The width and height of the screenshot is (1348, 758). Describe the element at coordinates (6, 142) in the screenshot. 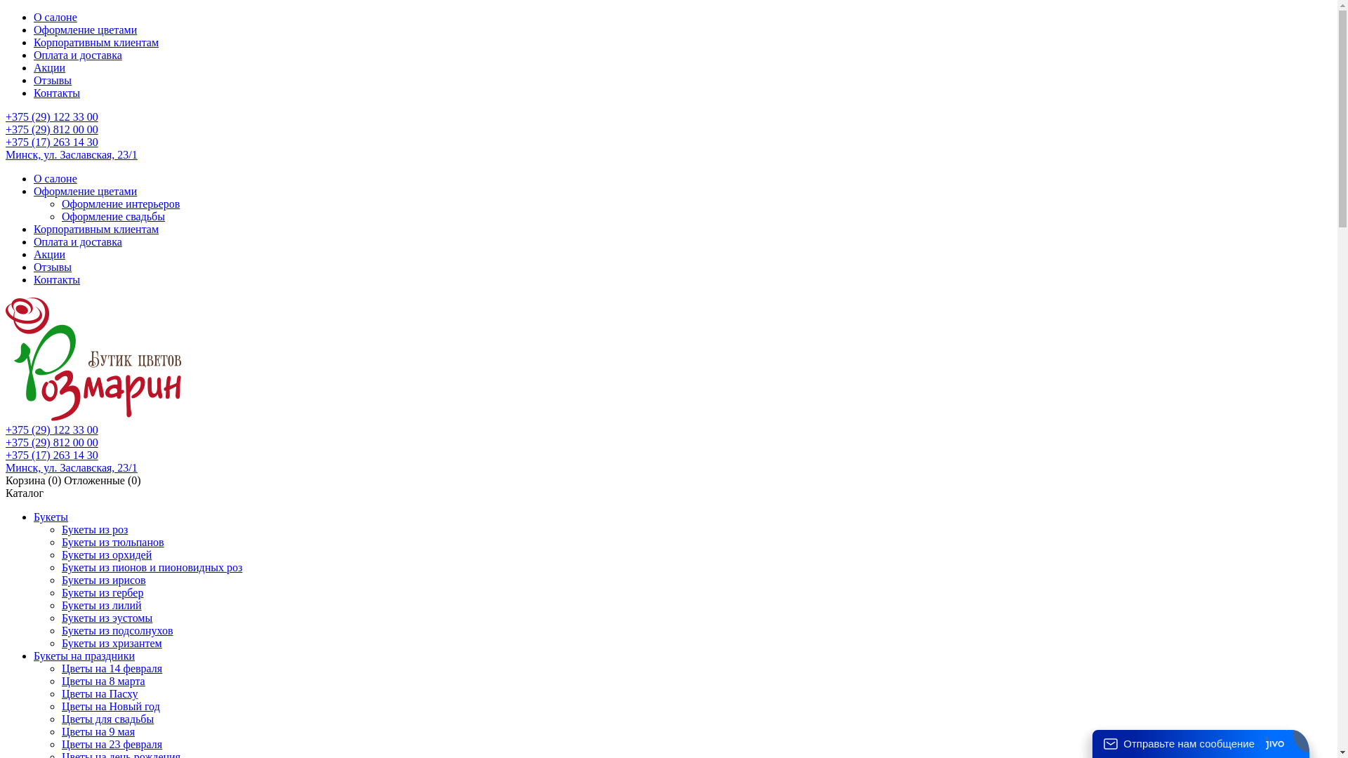

I see `'+375 (17) 263 14 30'` at that location.